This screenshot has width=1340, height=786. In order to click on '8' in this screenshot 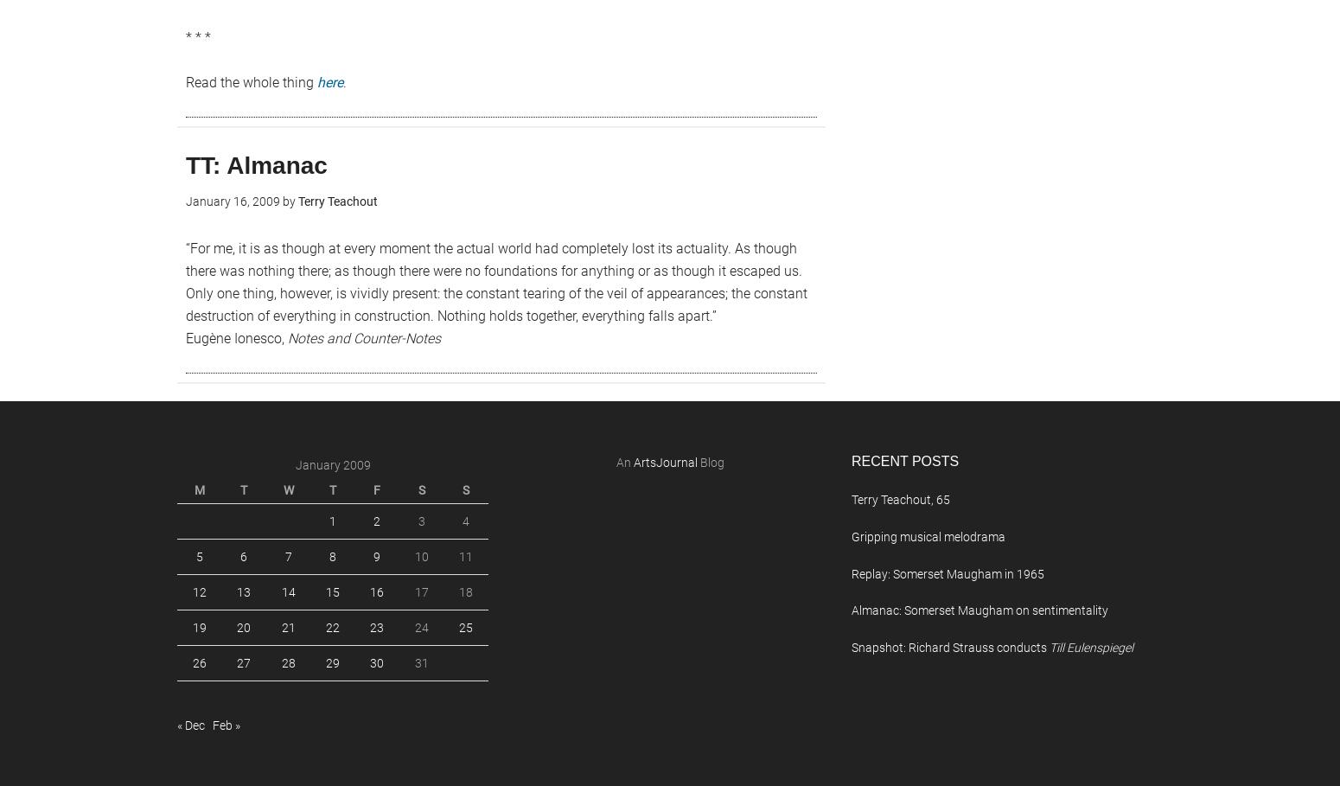, I will do `click(330, 556)`.